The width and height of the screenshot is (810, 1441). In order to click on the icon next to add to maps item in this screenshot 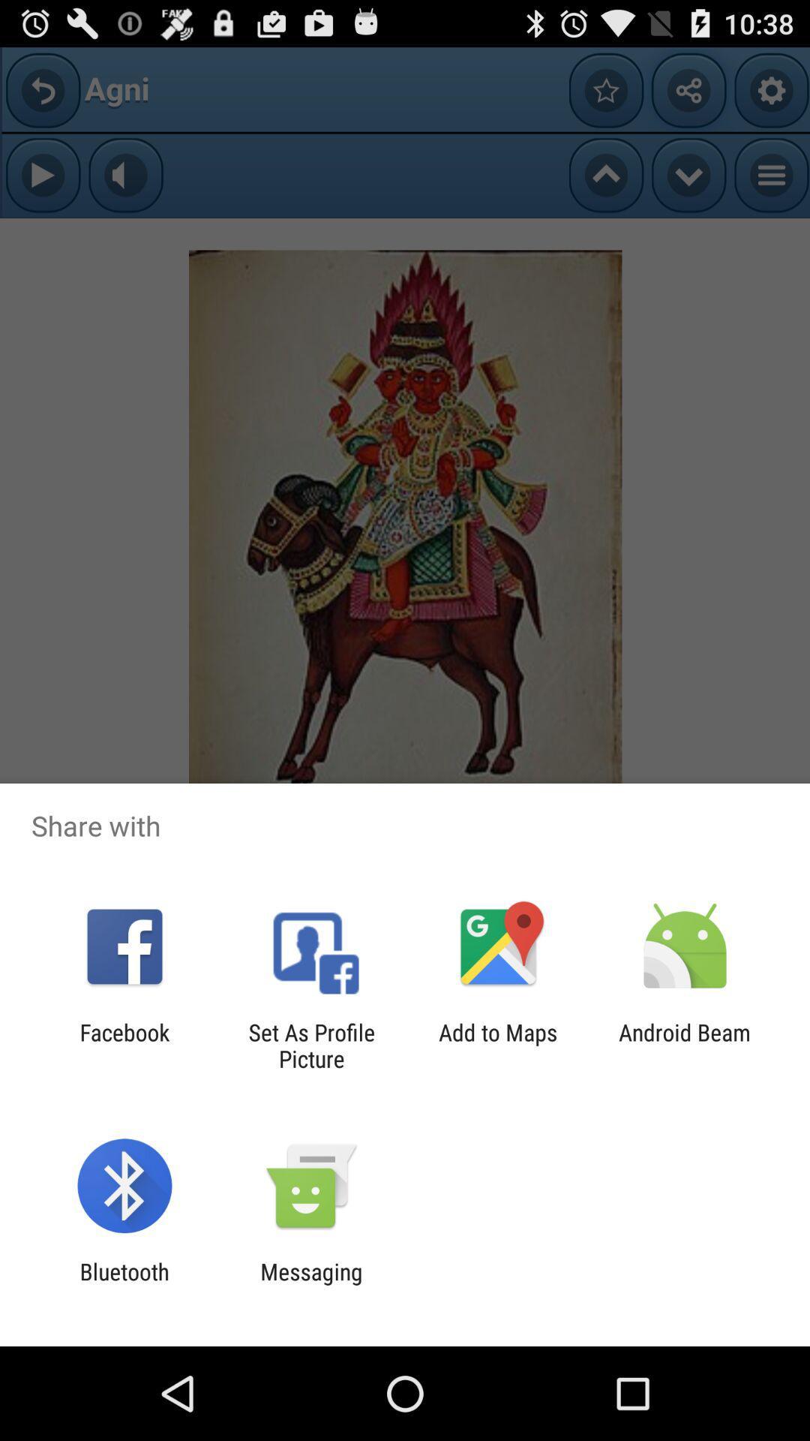, I will do `click(685, 1045)`.